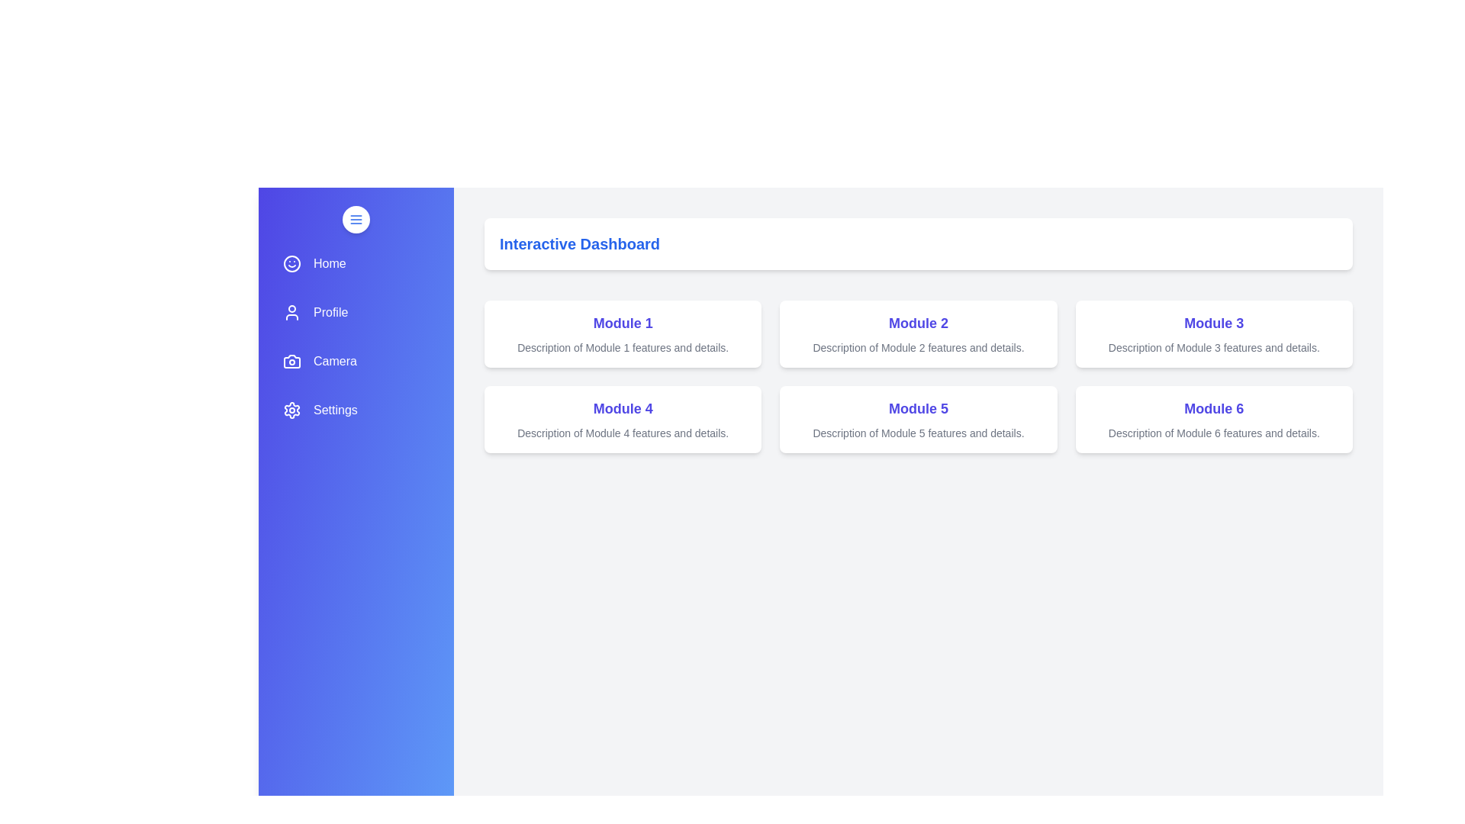 Image resolution: width=1465 pixels, height=824 pixels. I want to click on the title text element identifying it as 'Module 4', located on the lower left corner of the central content section of the dashboard interface, so click(623, 408).